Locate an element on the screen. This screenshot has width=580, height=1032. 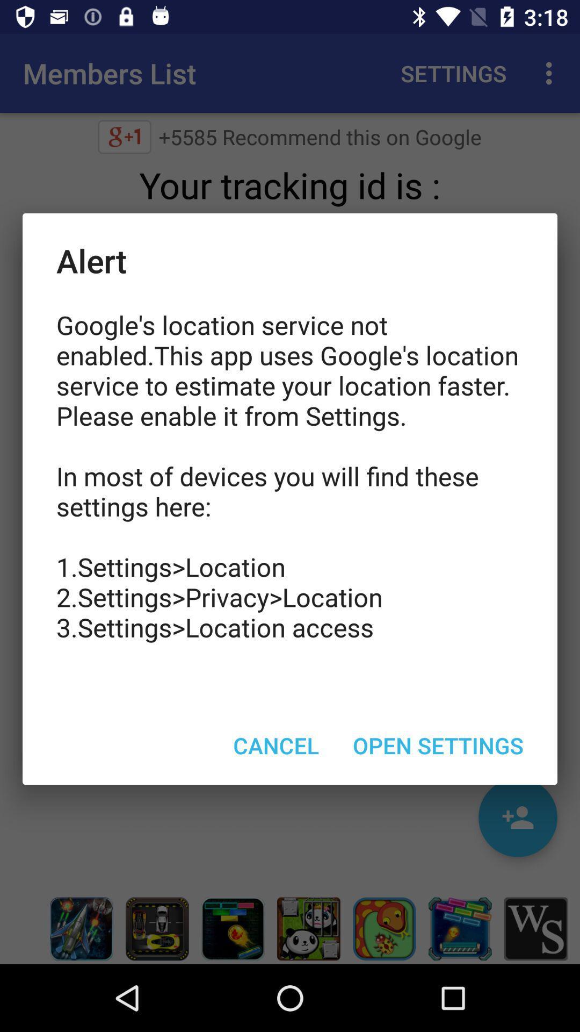
the item at the bottom is located at coordinates (275, 744).